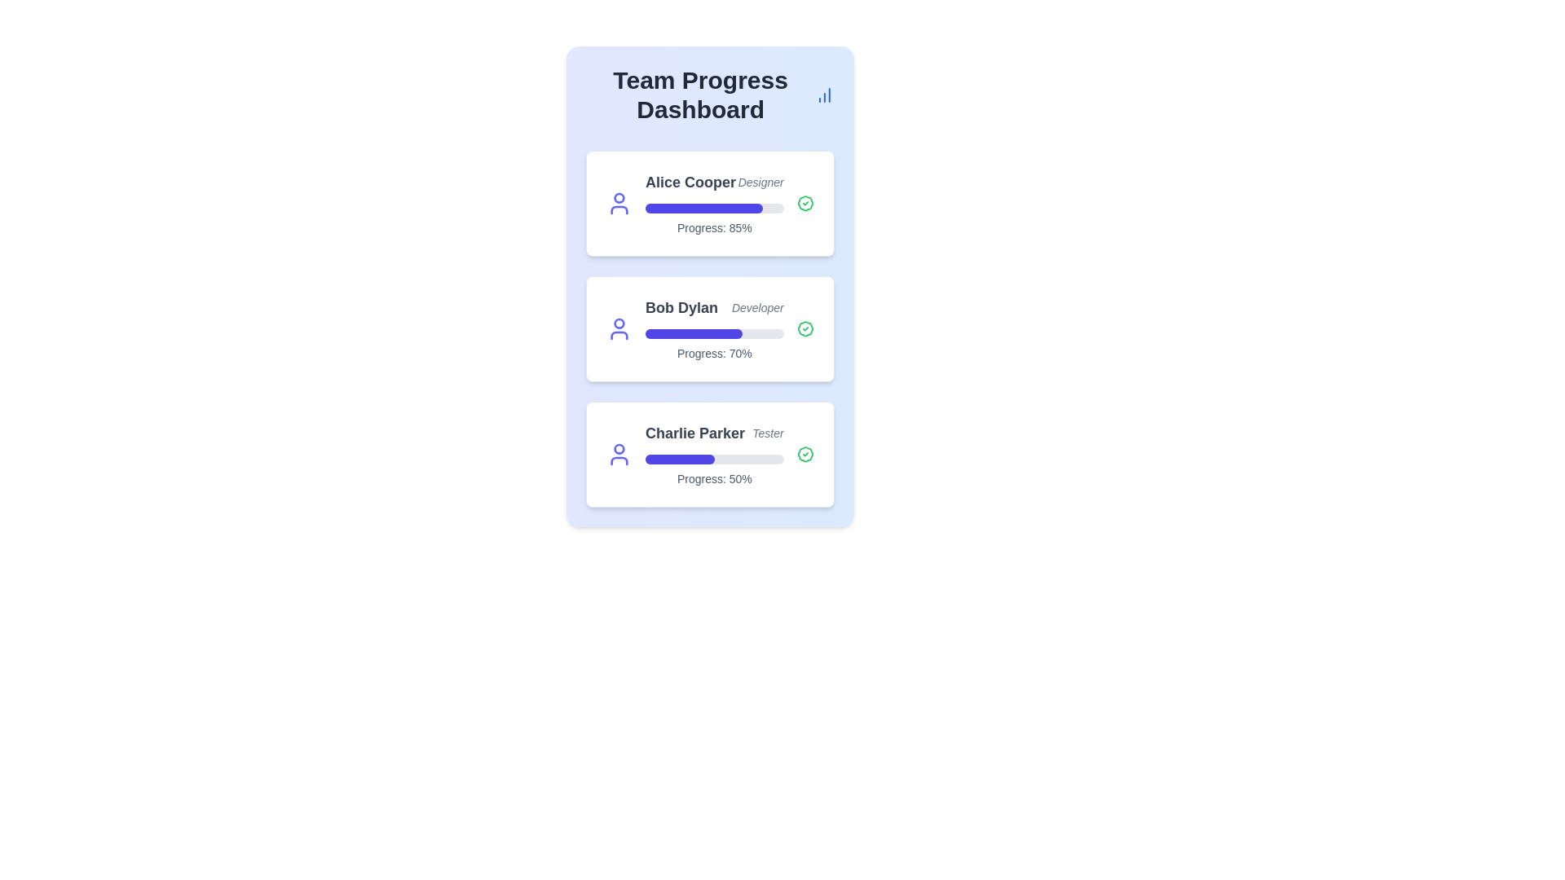 The height and width of the screenshot is (880, 1565). Describe the element at coordinates (690, 182) in the screenshot. I see `the text label displaying the name of an individual at the top of the first card in the 'Team Progress Dashboard'` at that location.